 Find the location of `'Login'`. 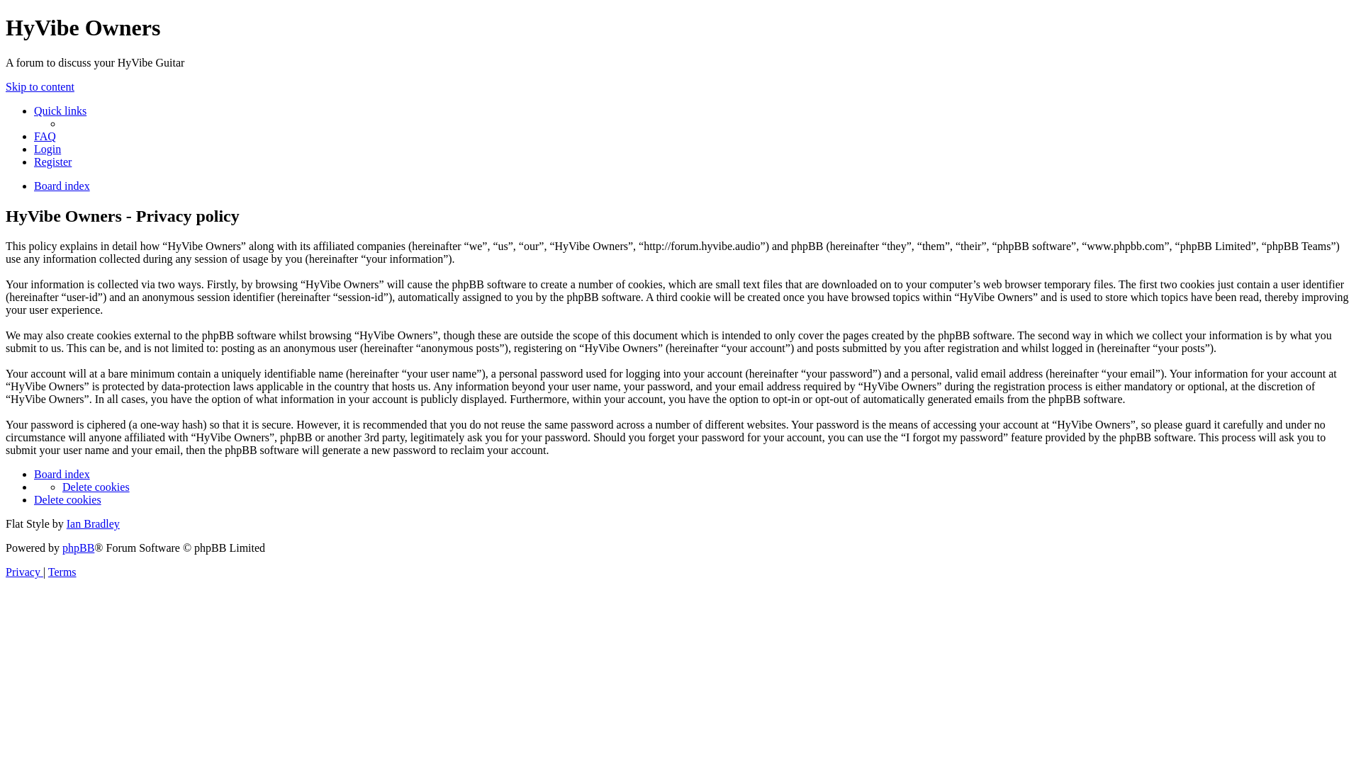

'Login' is located at coordinates (47, 149).